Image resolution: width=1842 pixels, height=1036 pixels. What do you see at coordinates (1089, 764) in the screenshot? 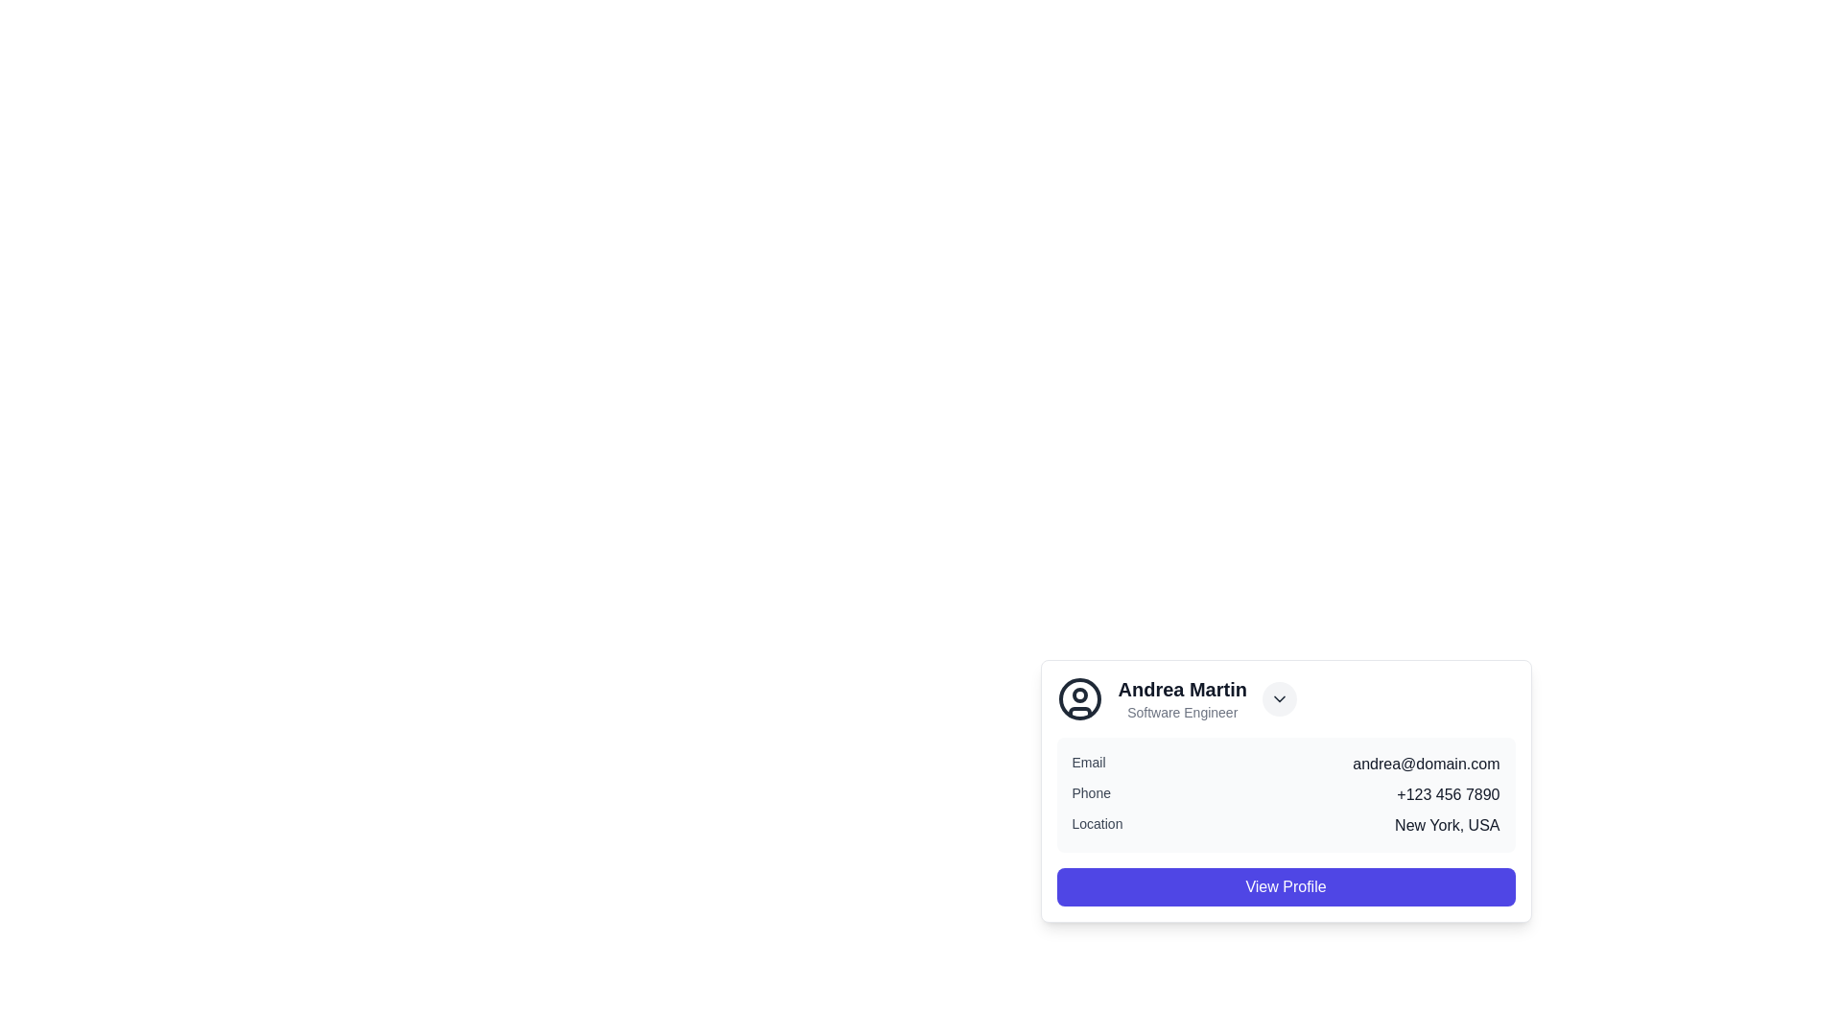
I see `properties of the text label displaying 'Email' located to the left of the email address 'andrea@domain.com'` at bounding box center [1089, 764].